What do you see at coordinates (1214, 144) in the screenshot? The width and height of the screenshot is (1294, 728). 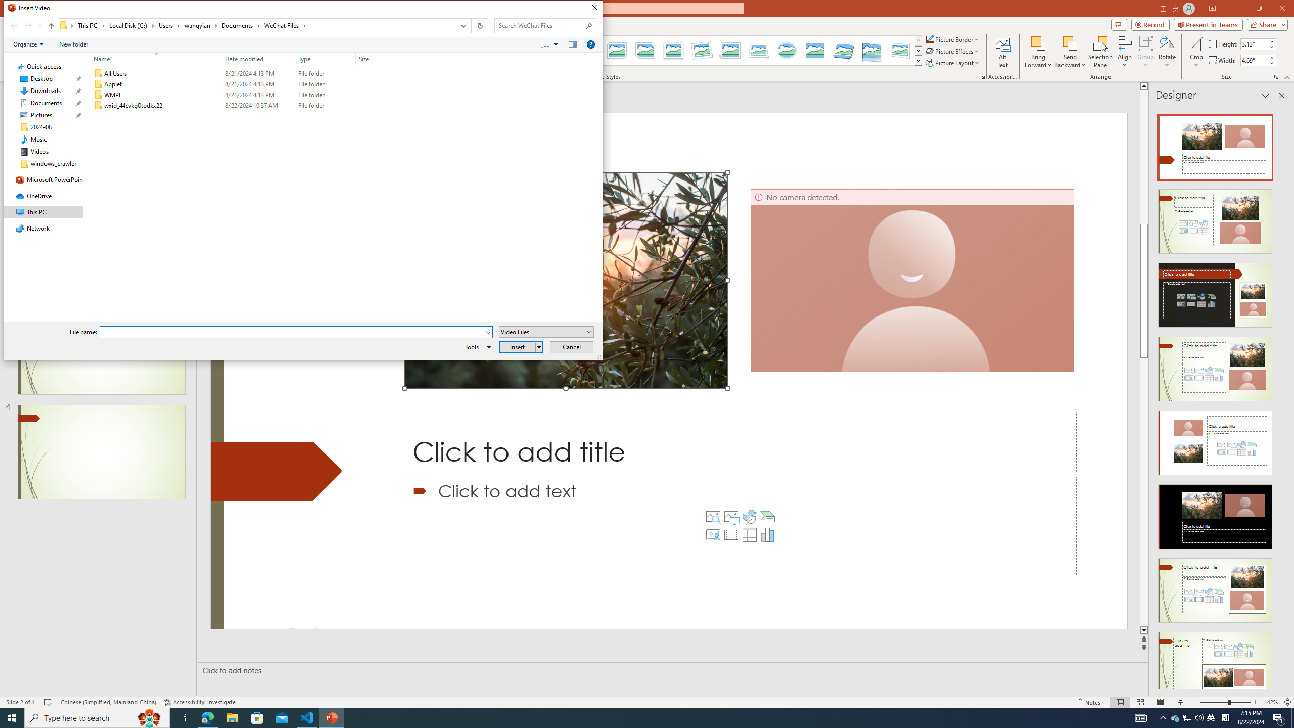 I see `'Recommended Design: Design Idea'` at bounding box center [1214, 144].